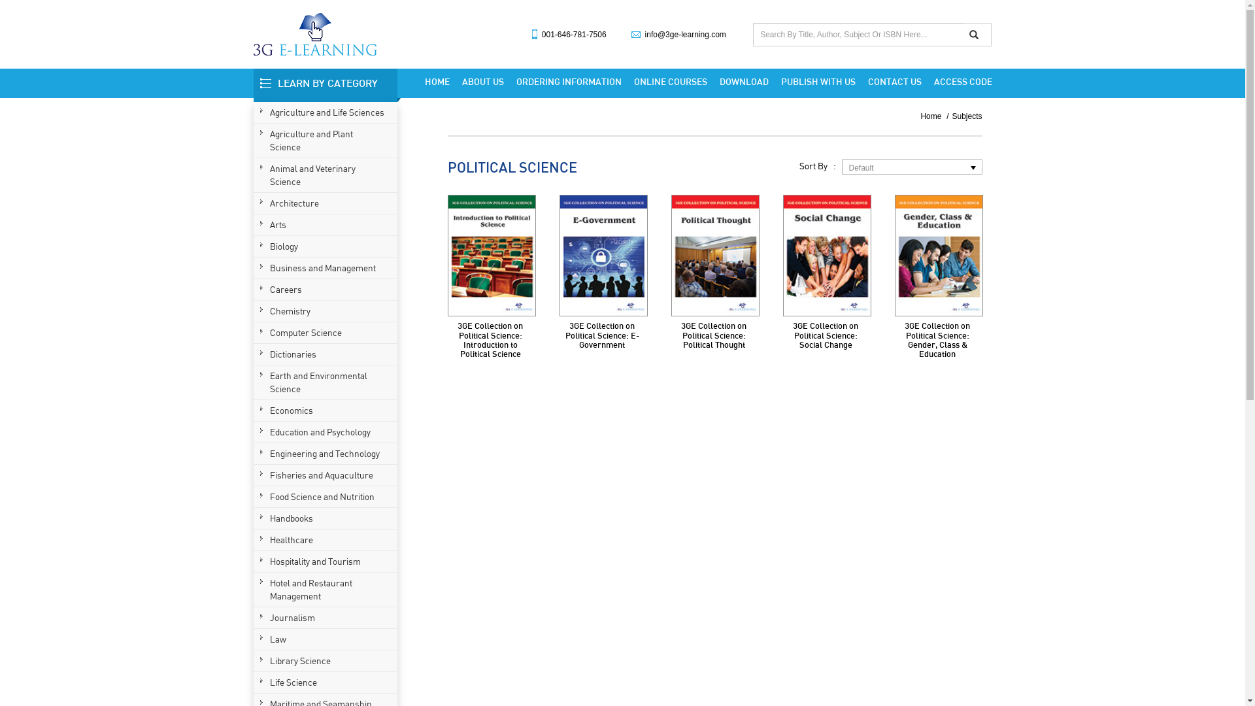  I want to click on 'Agriculture and Life Sciences', so click(326, 112).